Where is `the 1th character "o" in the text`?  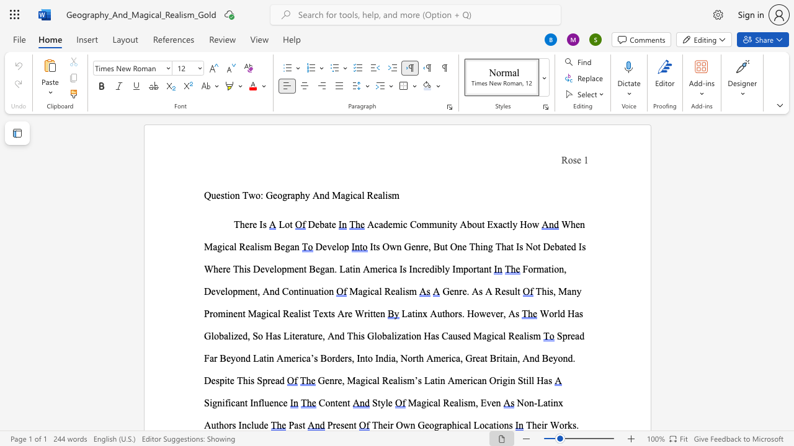 the 1th character "o" in the text is located at coordinates (561, 424).